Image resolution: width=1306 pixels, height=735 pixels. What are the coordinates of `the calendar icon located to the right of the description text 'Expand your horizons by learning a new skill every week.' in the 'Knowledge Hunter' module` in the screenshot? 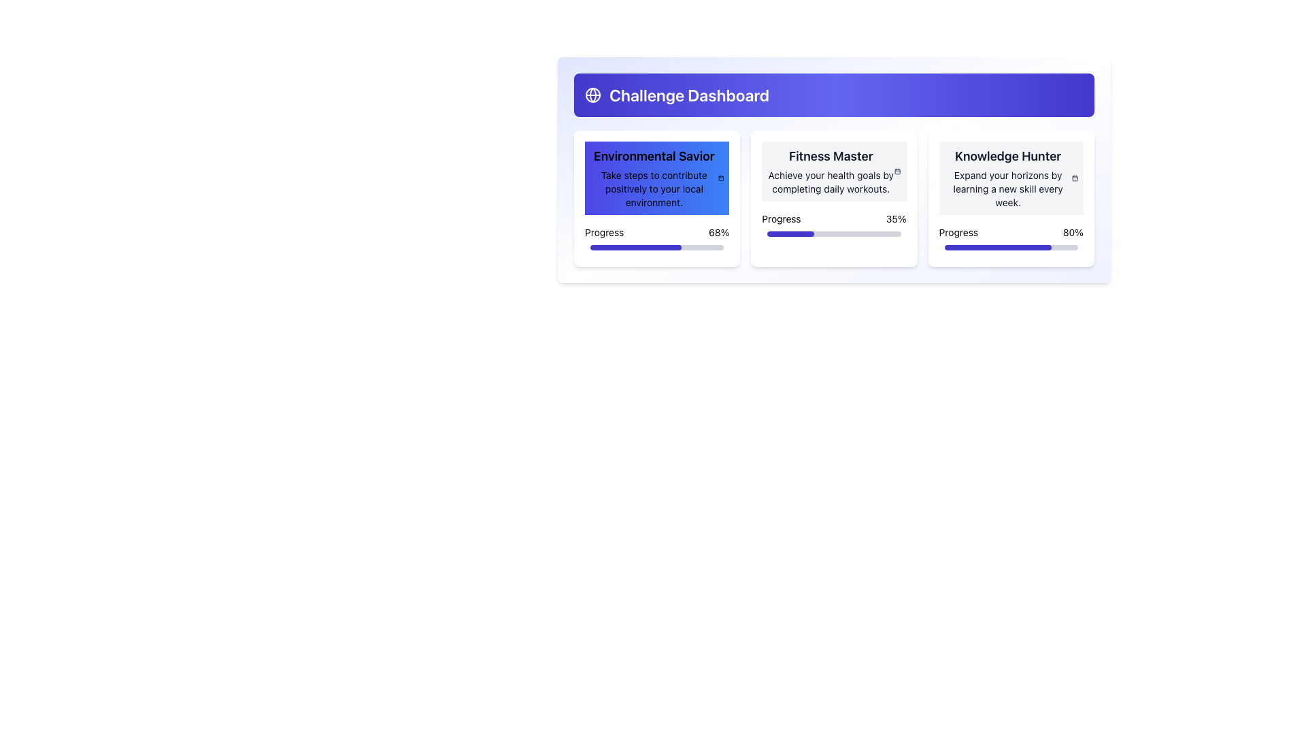 It's located at (1074, 178).